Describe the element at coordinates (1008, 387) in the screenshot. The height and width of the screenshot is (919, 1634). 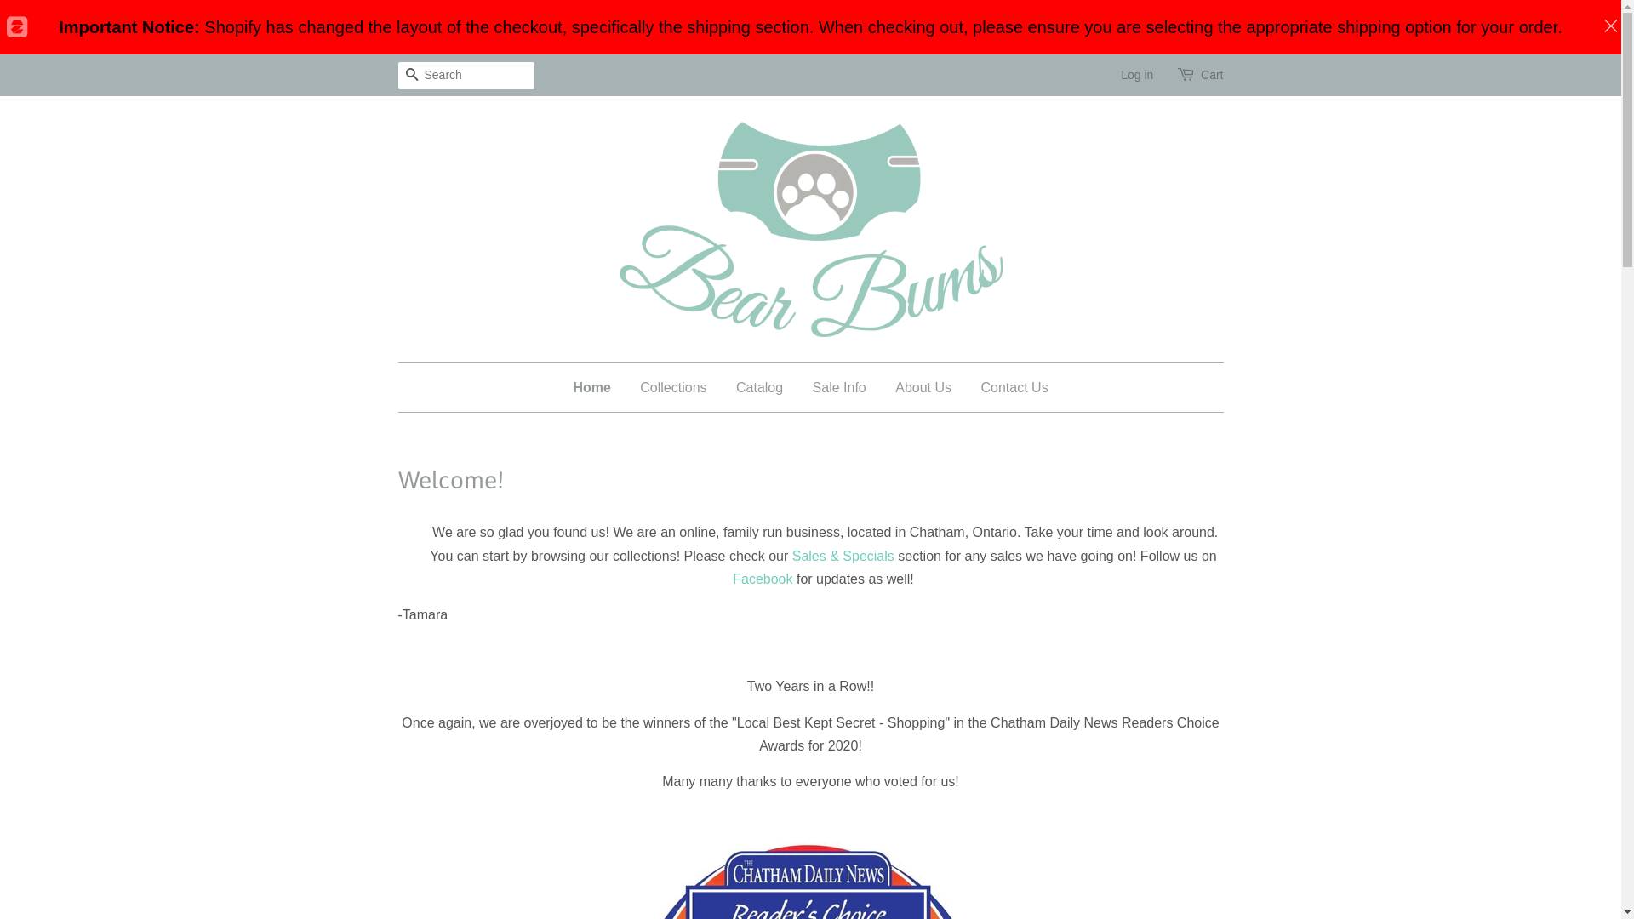
I see `'Contact Us'` at that location.